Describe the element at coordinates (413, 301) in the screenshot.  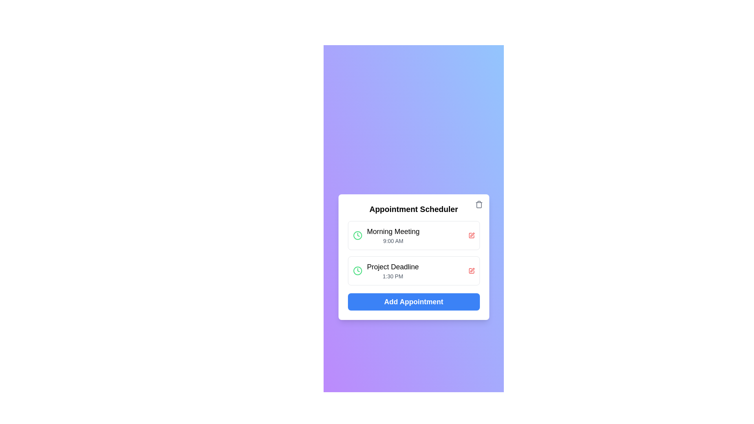
I see `the 'Add Appointment' button with a blue background and white bold text for keyboard interaction` at that location.